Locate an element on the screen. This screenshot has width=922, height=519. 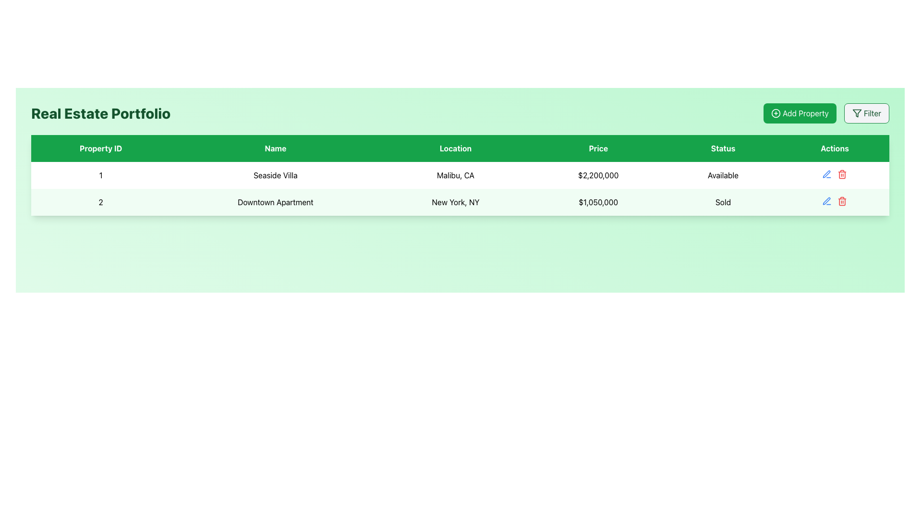
the cluster of action buttons located in the 'Actions' cell of the second row for the 'Downtown Apartment' listing, which includes an edit icon and a delete icon is located at coordinates (834, 201).